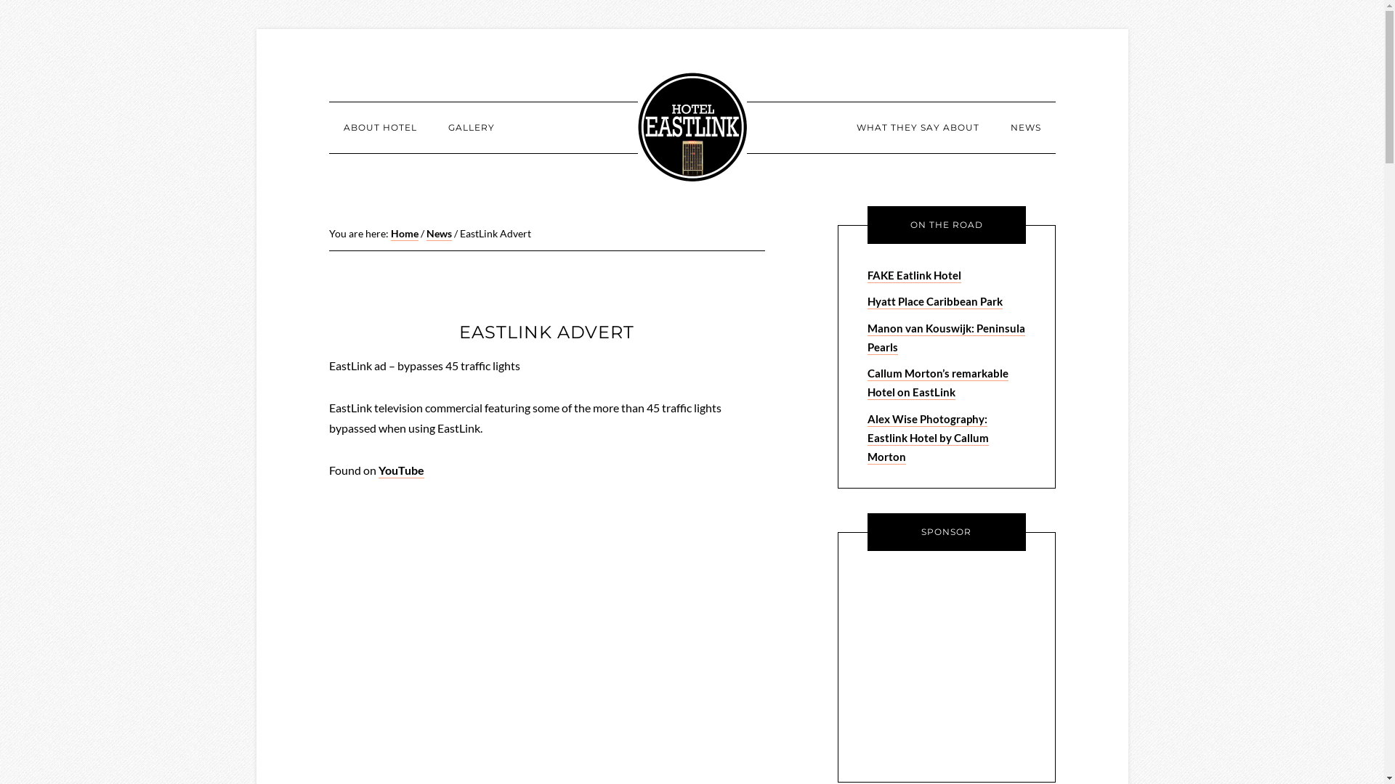 Image resolution: width=1395 pixels, height=784 pixels. What do you see at coordinates (471, 127) in the screenshot?
I see `'GALLERY'` at bounding box center [471, 127].